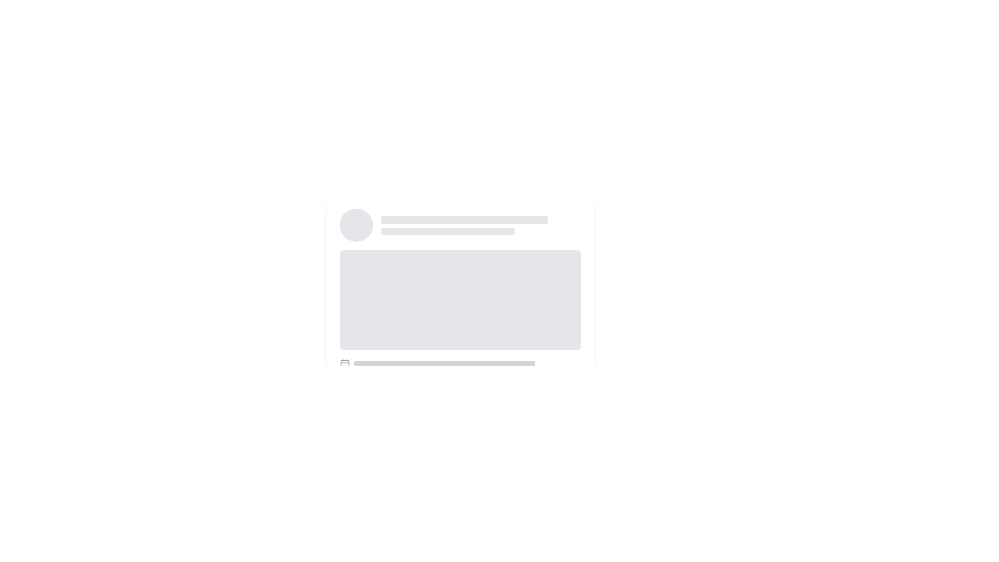  What do you see at coordinates (356, 224) in the screenshot?
I see `the interactive circular gray placeholder element located at the extreme left of its group` at bounding box center [356, 224].